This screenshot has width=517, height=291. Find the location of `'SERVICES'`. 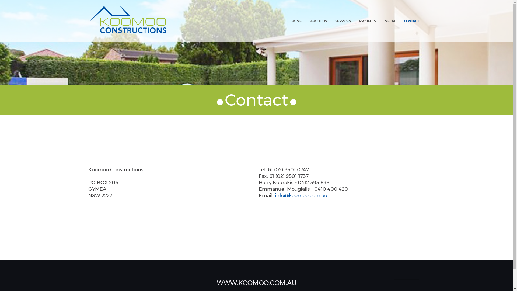

'SERVICES' is located at coordinates (342, 21).